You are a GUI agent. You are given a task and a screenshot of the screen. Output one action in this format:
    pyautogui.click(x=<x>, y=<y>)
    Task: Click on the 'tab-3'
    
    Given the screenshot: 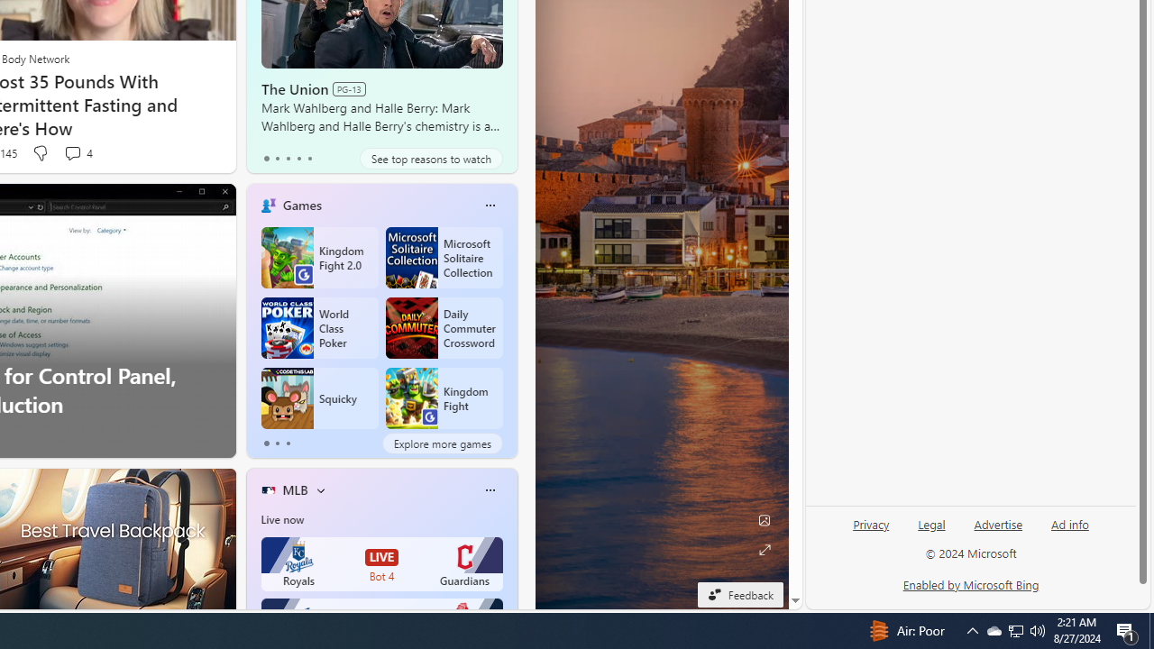 What is the action you would take?
    pyautogui.click(x=298, y=158)
    